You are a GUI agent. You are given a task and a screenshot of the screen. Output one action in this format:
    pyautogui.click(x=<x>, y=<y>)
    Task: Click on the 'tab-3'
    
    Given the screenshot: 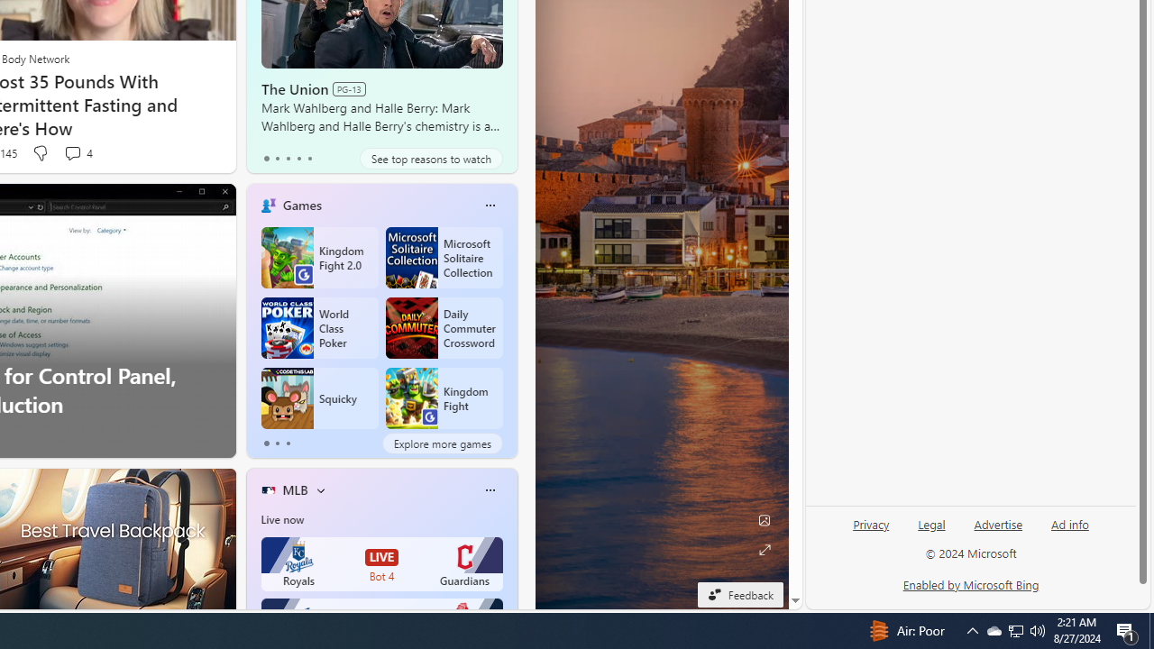 What is the action you would take?
    pyautogui.click(x=298, y=158)
    